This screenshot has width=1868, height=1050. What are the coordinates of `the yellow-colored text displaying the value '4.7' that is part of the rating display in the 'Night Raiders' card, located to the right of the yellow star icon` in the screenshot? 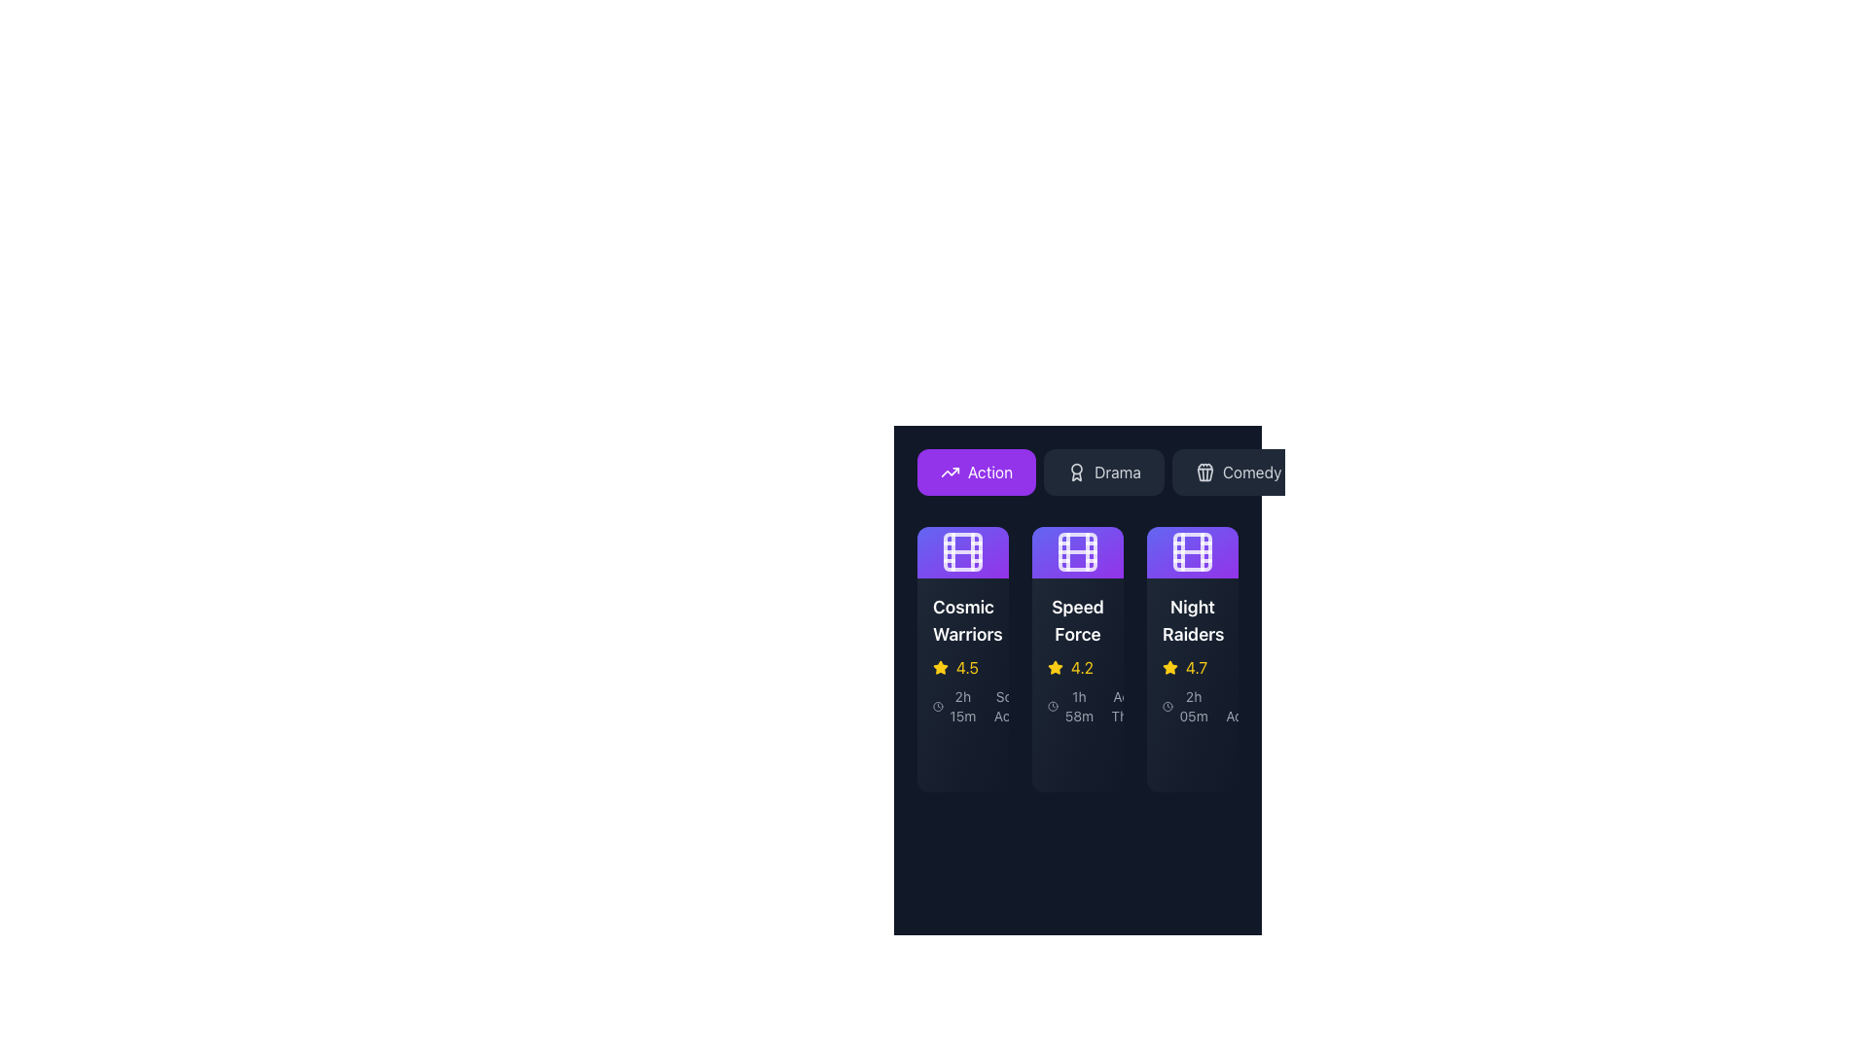 It's located at (1196, 666).